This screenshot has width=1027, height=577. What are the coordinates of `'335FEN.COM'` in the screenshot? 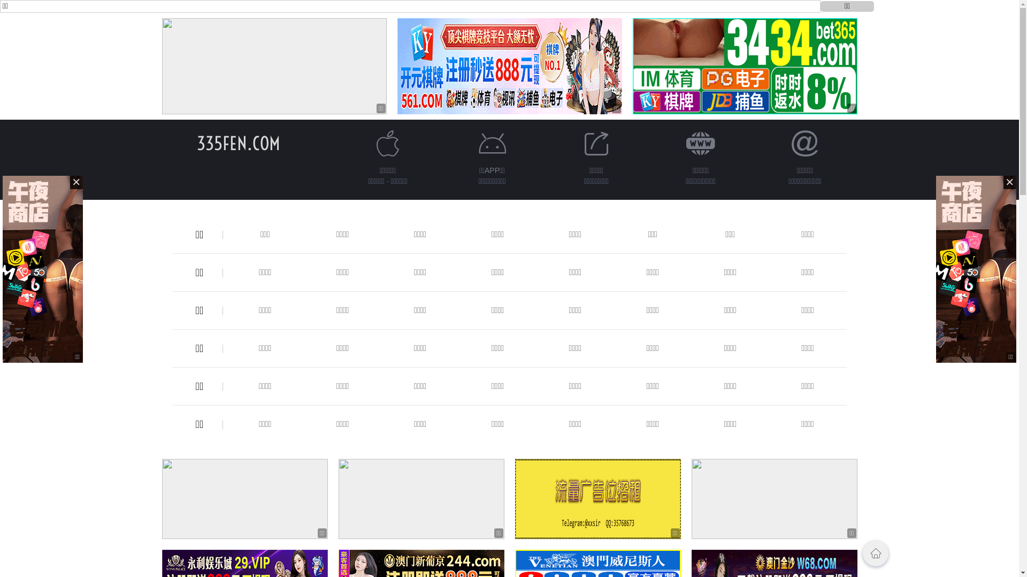 It's located at (238, 143).